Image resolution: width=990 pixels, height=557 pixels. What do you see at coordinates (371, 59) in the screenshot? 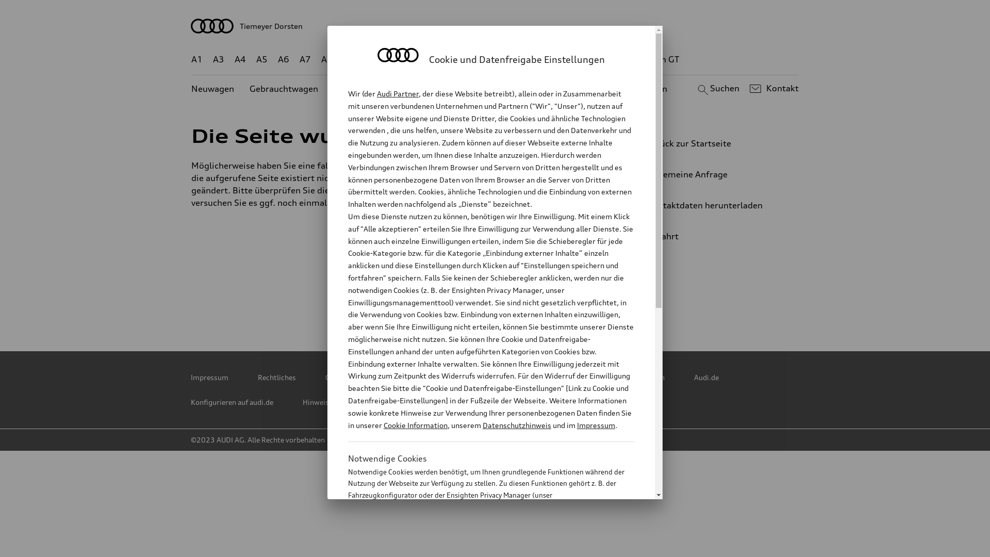
I see `'Q3'` at bounding box center [371, 59].